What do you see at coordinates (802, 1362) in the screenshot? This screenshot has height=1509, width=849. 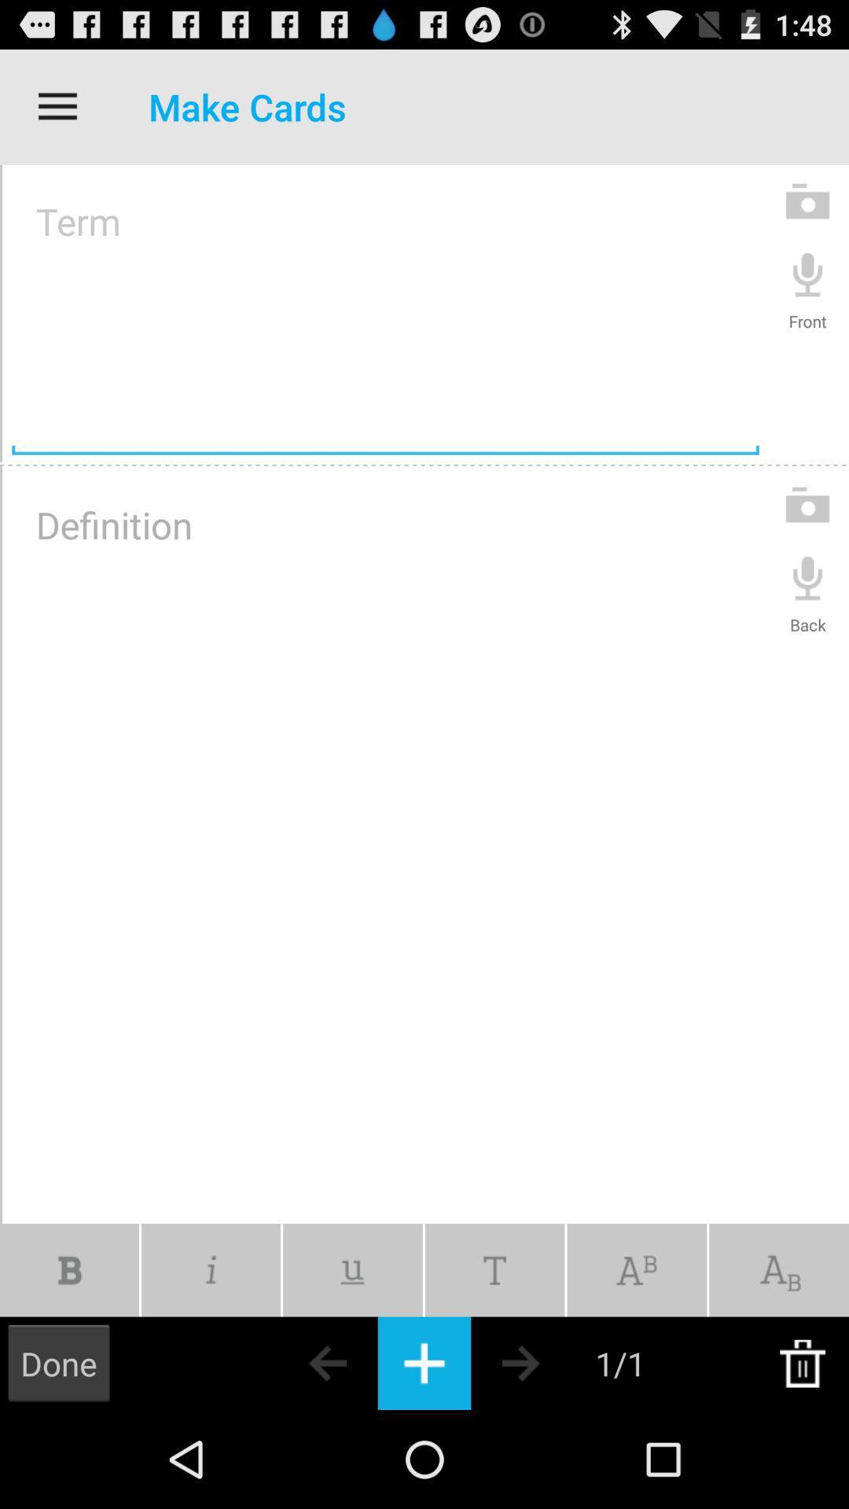 I see `trash` at bounding box center [802, 1362].